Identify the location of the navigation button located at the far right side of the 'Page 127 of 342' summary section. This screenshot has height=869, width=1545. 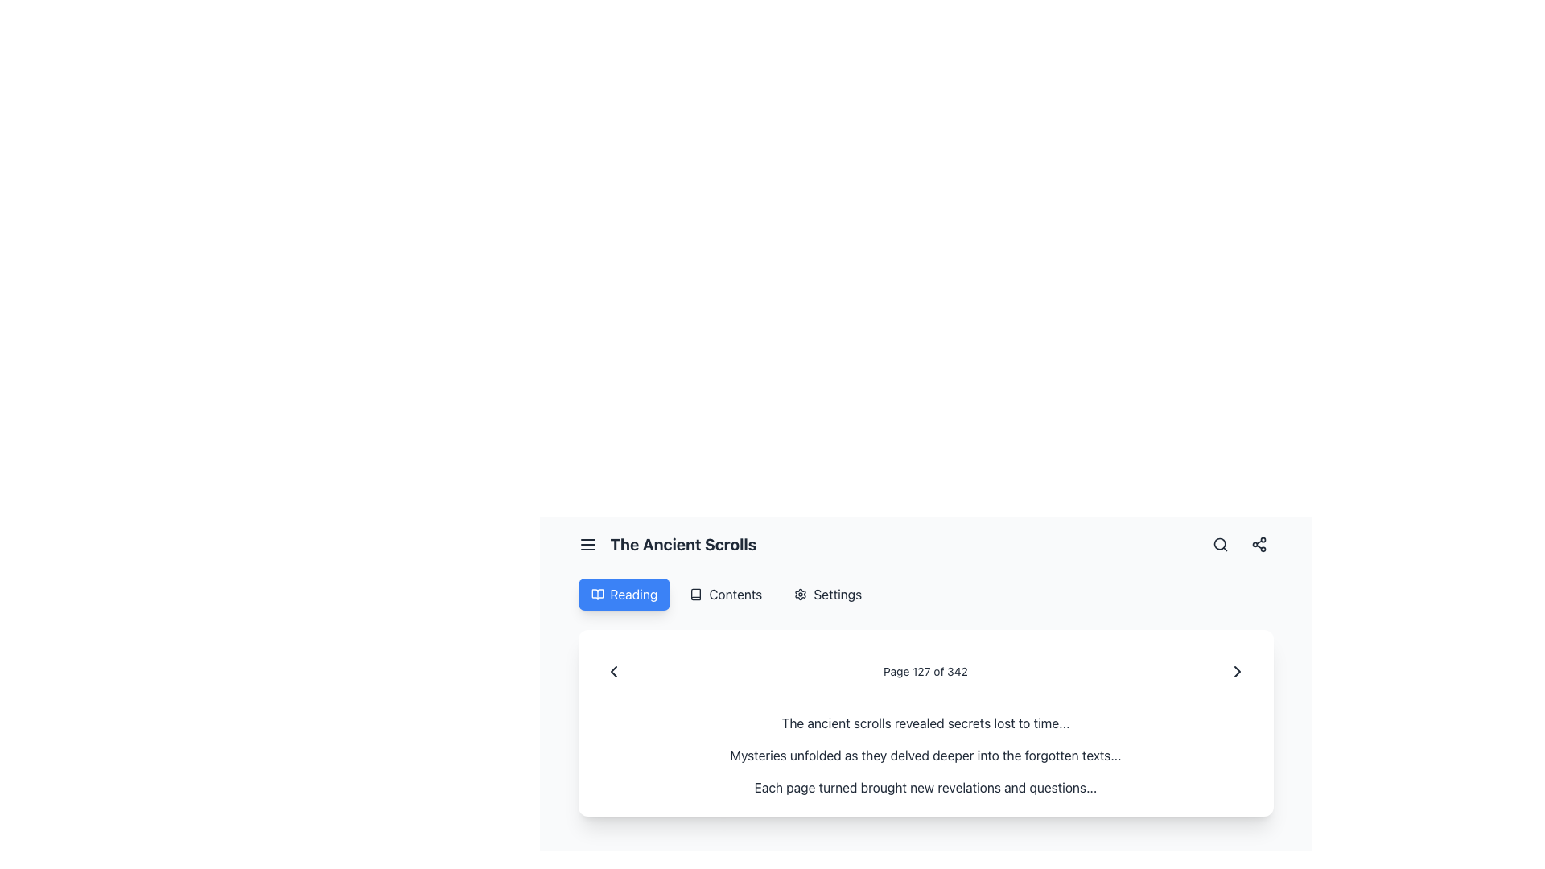
(1237, 671).